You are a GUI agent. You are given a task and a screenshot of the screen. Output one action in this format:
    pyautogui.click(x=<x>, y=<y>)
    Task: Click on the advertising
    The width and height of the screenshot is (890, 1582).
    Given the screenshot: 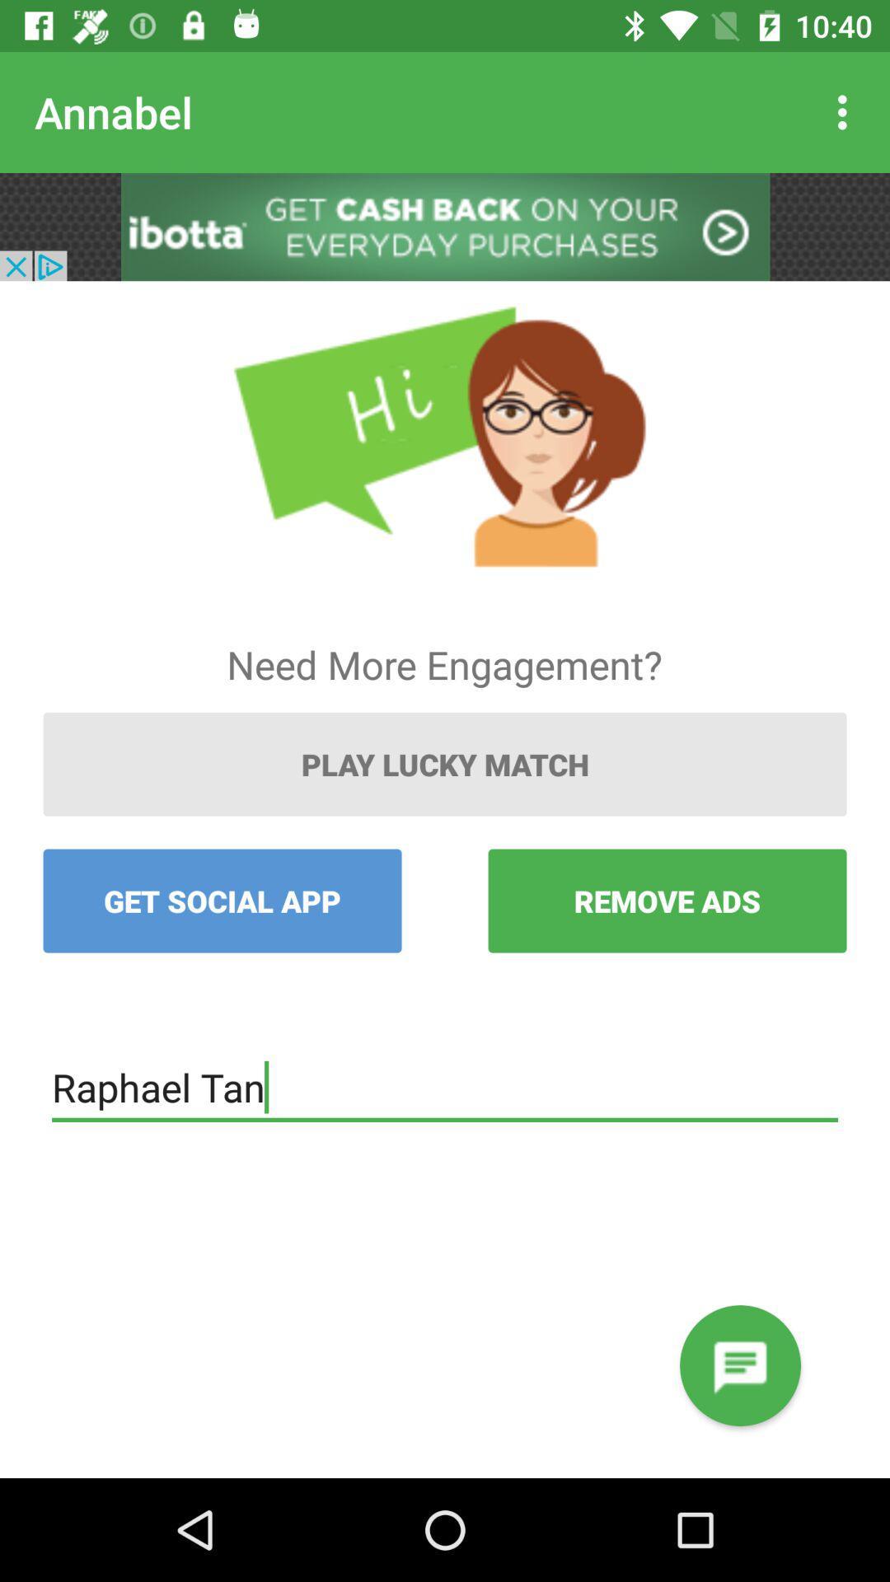 What is the action you would take?
    pyautogui.click(x=445, y=226)
    